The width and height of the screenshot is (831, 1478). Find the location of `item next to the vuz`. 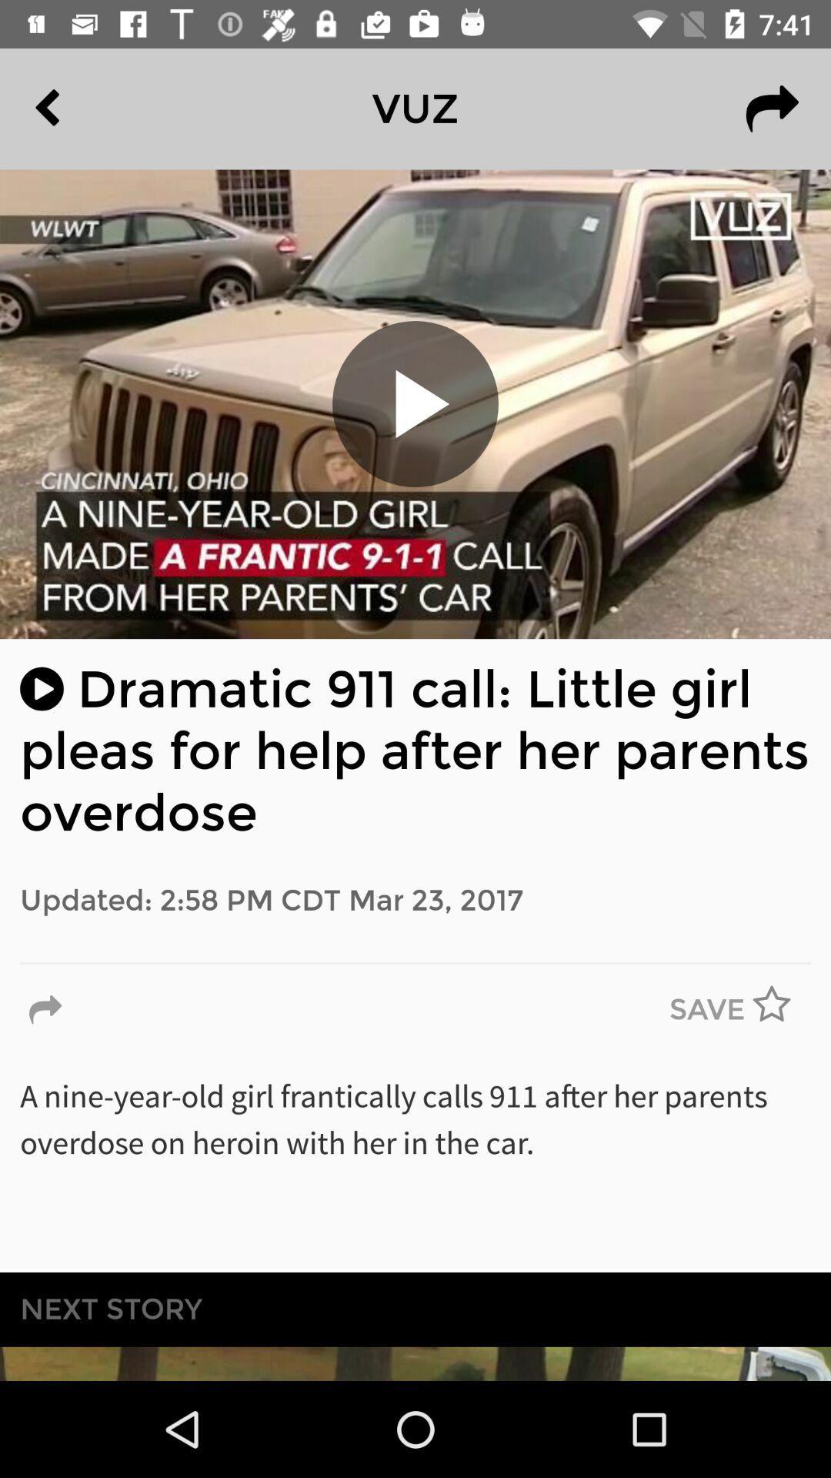

item next to the vuz is located at coordinates (772, 108).